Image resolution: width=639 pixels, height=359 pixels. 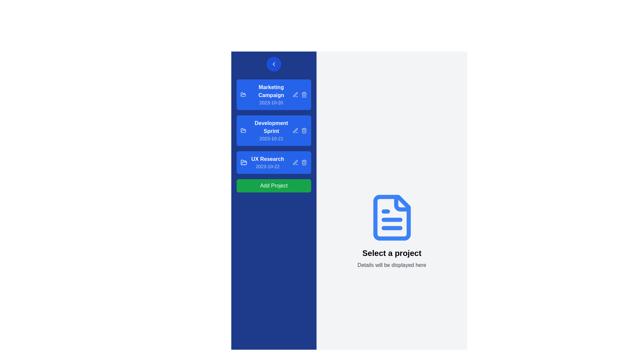 I want to click on the delete button, which is the third icon in the horizontal row next to the 'Development Sprint' project name in the left-side blue panel, so click(x=304, y=131).